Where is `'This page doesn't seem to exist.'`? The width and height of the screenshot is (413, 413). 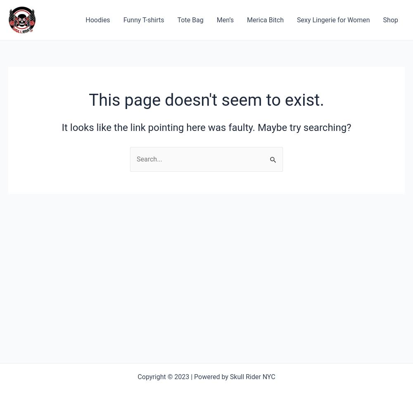
'This page doesn't seem to exist.' is located at coordinates (206, 100).